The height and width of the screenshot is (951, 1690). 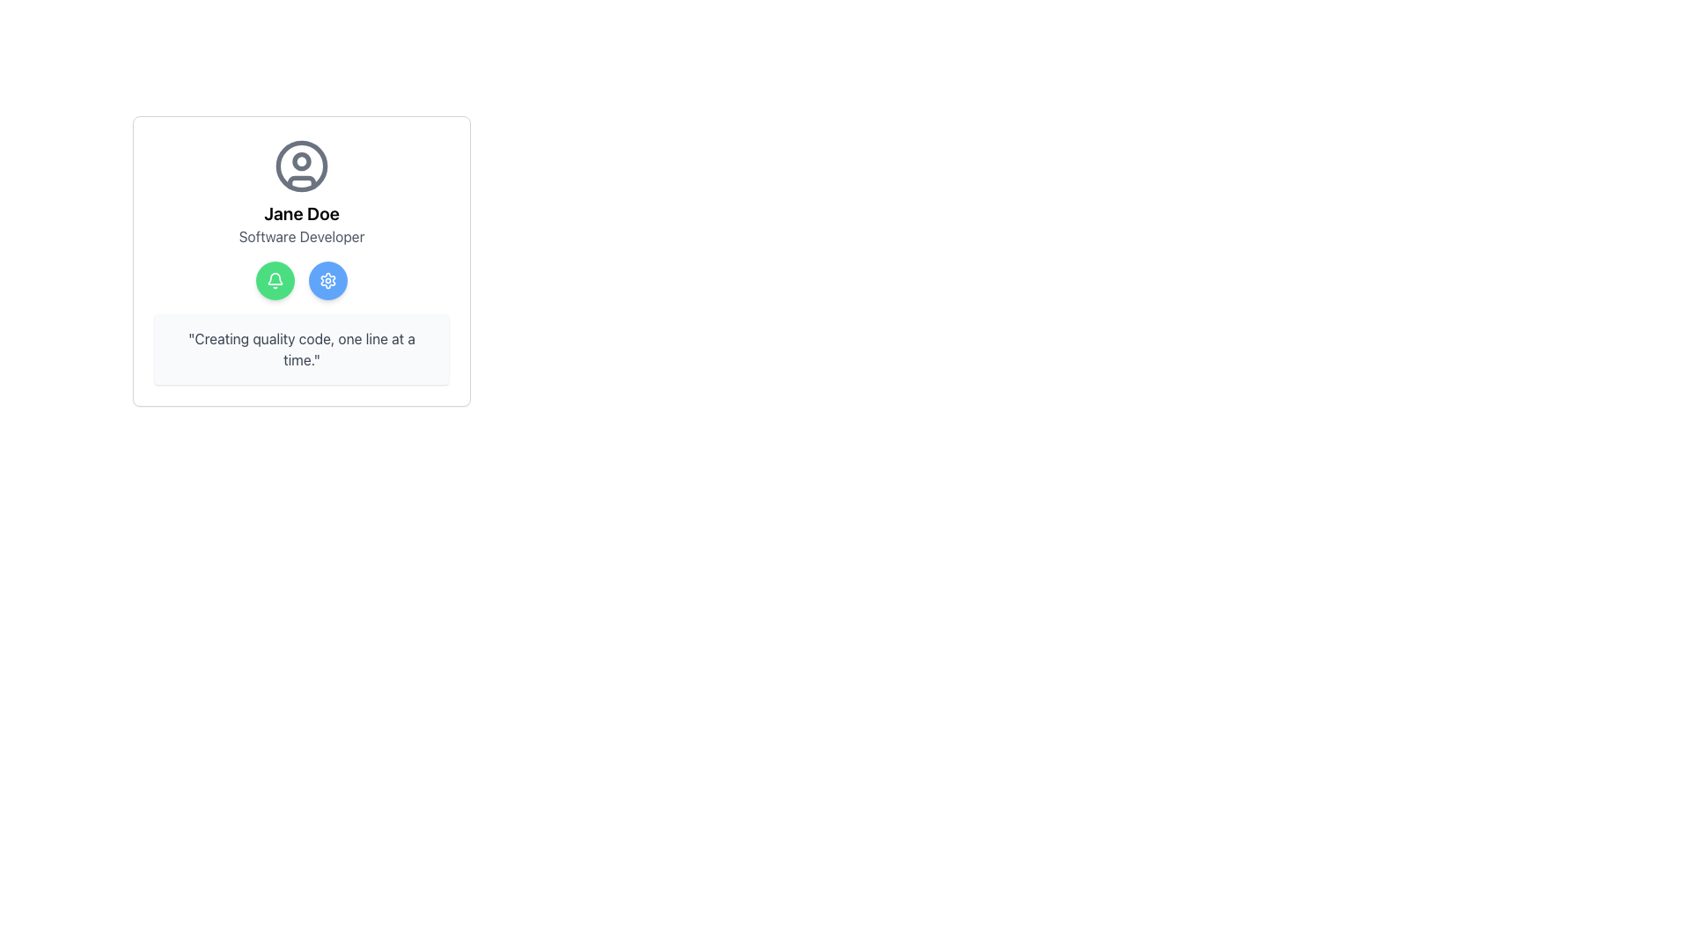 What do you see at coordinates (328, 280) in the screenshot?
I see `the settings icon (cogwheel symbol) located at the bottom-right of the profile card` at bounding box center [328, 280].